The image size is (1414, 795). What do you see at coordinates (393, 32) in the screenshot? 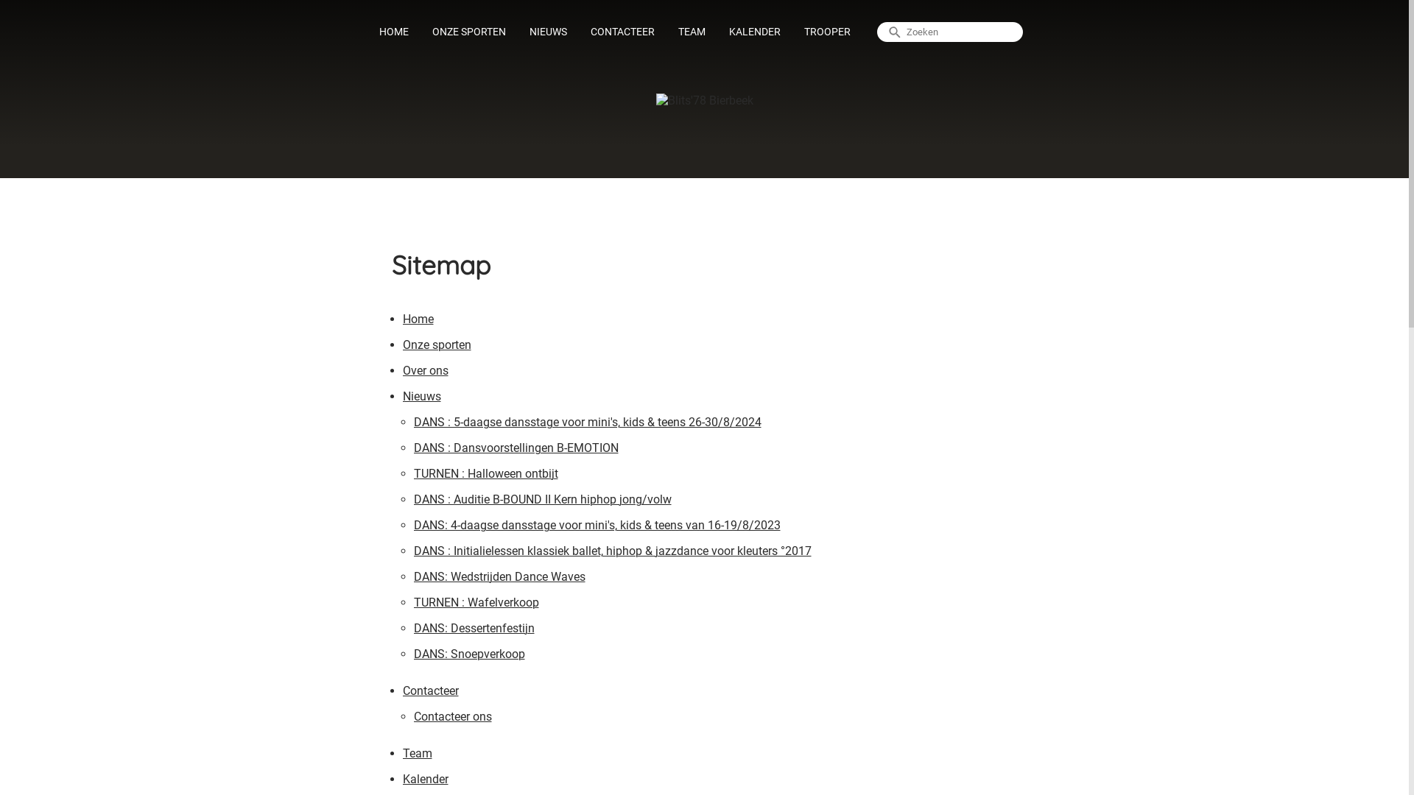
I see `'HOME'` at bounding box center [393, 32].